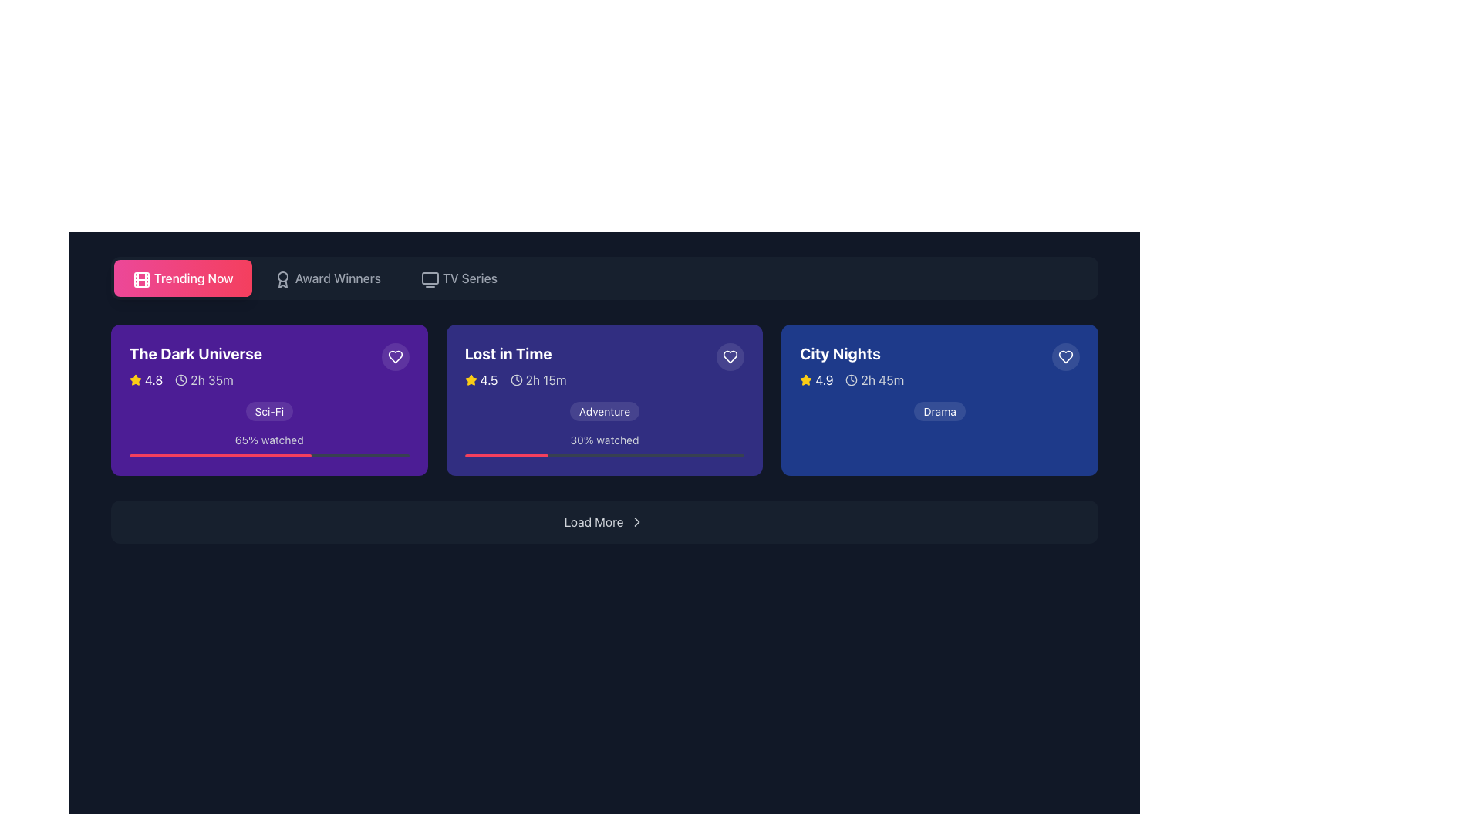  What do you see at coordinates (730, 356) in the screenshot?
I see `the heart icon within the circular button located in the top-right corner of the 'Lost in Time' movie card to mark the movie as favorite` at bounding box center [730, 356].